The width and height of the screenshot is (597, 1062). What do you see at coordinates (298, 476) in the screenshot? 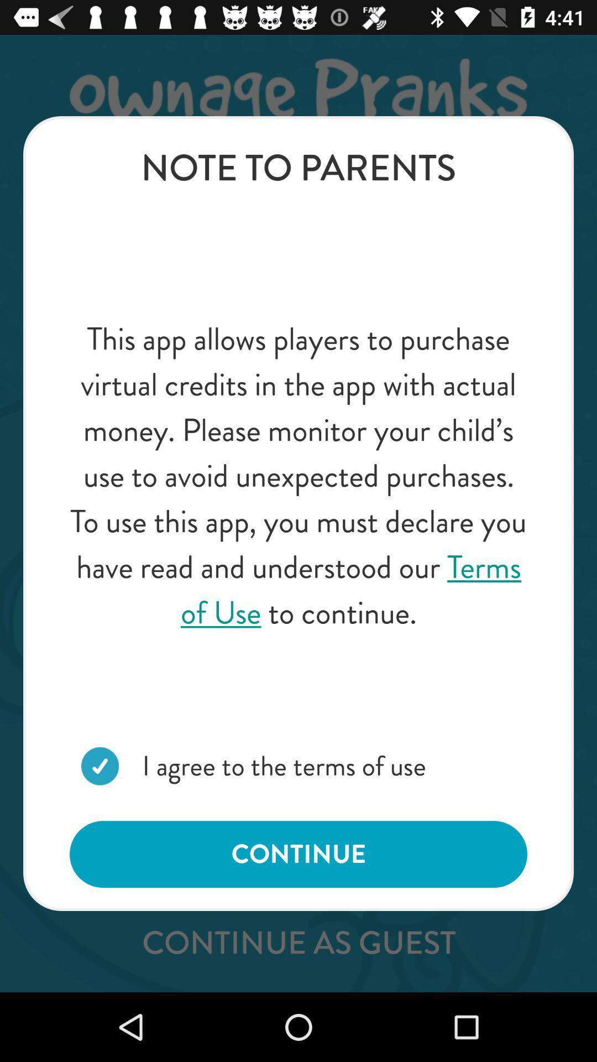
I see `the item at the center` at bounding box center [298, 476].